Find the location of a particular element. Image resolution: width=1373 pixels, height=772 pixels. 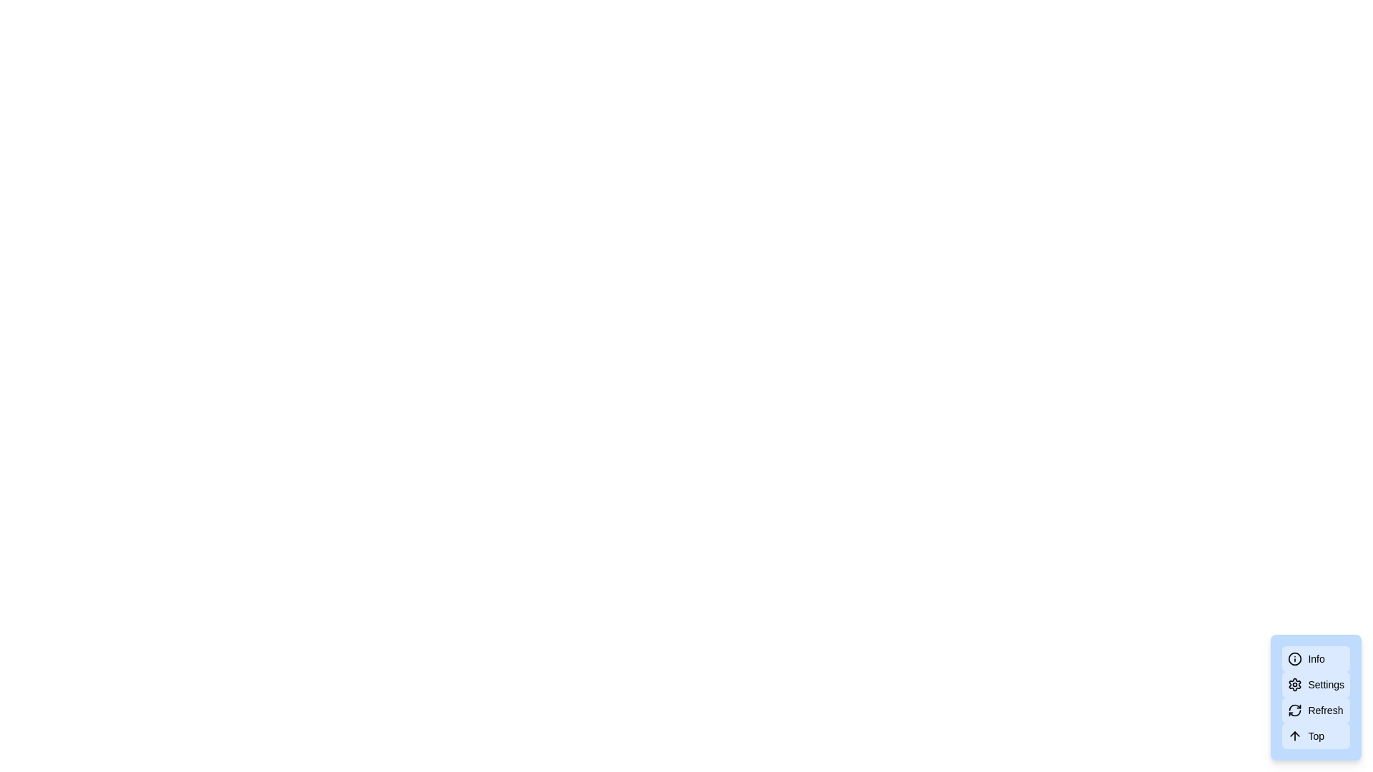

the light blue button labeled 'Top' with an upward-pointing arrow icon to trigger potential hover effects is located at coordinates (1316, 736).